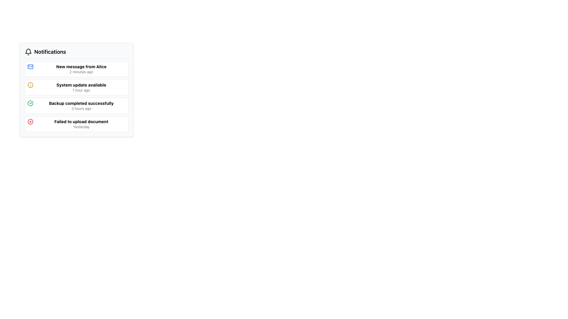 The width and height of the screenshot is (568, 319). What do you see at coordinates (81, 69) in the screenshot?
I see `the first notification item in the notification panel that indicates a new message from Alice, received 2 minutes ago` at bounding box center [81, 69].